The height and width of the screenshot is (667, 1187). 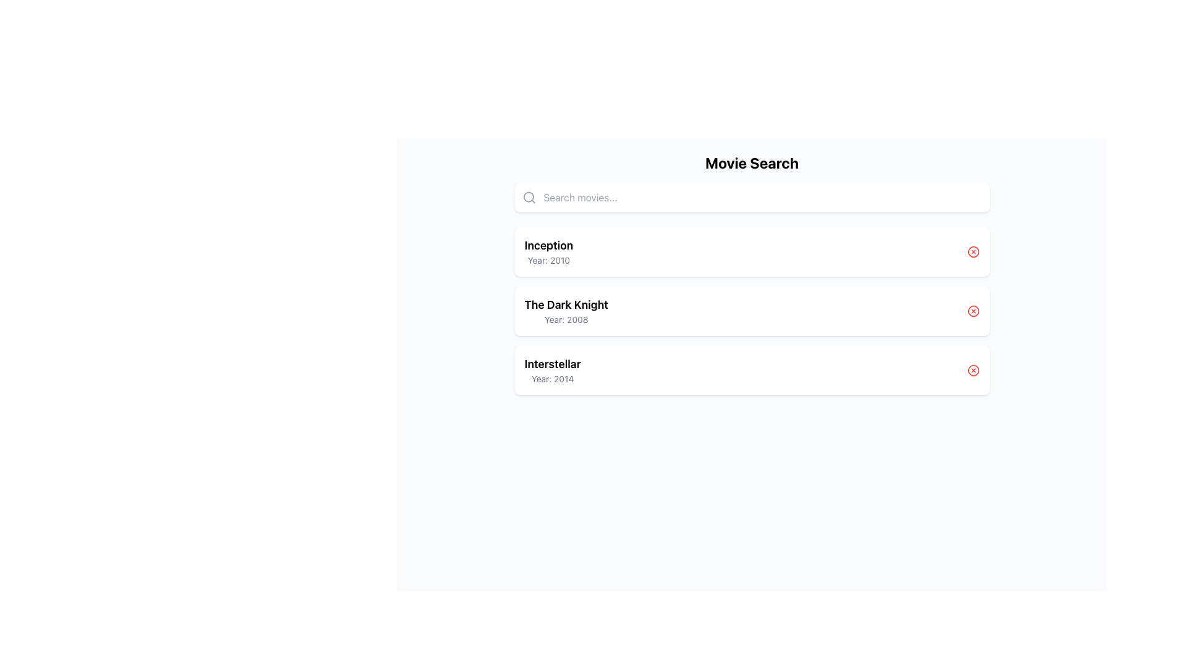 What do you see at coordinates (751, 311) in the screenshot?
I see `the movie entry 'The Dark Knight' (2008)` at bounding box center [751, 311].